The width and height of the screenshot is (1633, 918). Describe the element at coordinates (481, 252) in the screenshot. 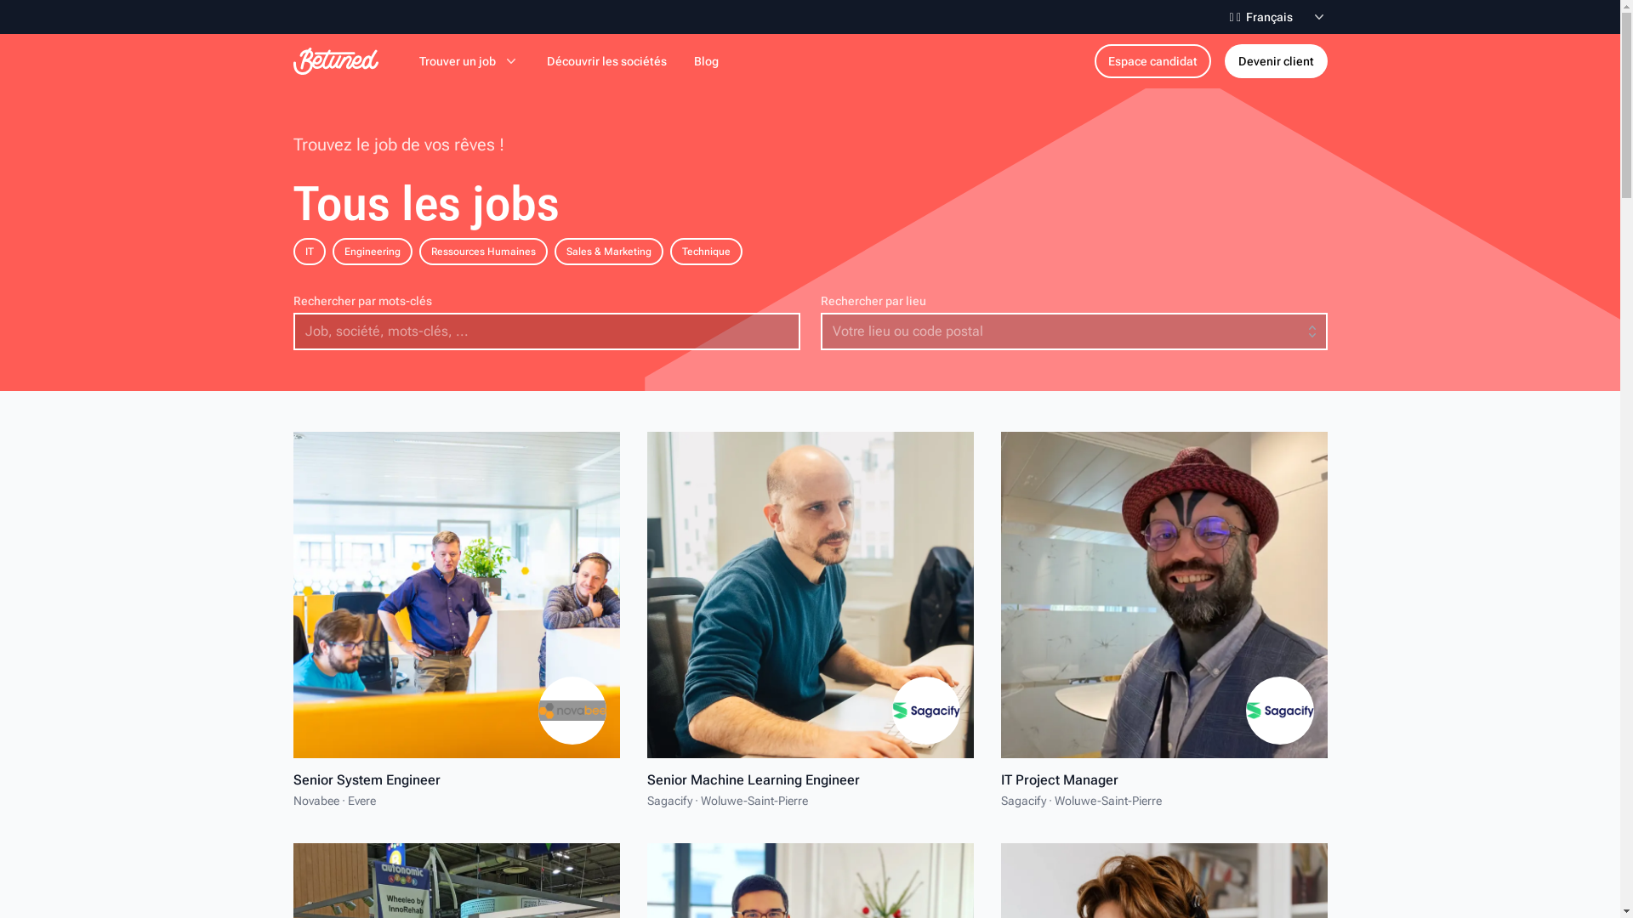

I see `'Ressources Humaines'` at that location.